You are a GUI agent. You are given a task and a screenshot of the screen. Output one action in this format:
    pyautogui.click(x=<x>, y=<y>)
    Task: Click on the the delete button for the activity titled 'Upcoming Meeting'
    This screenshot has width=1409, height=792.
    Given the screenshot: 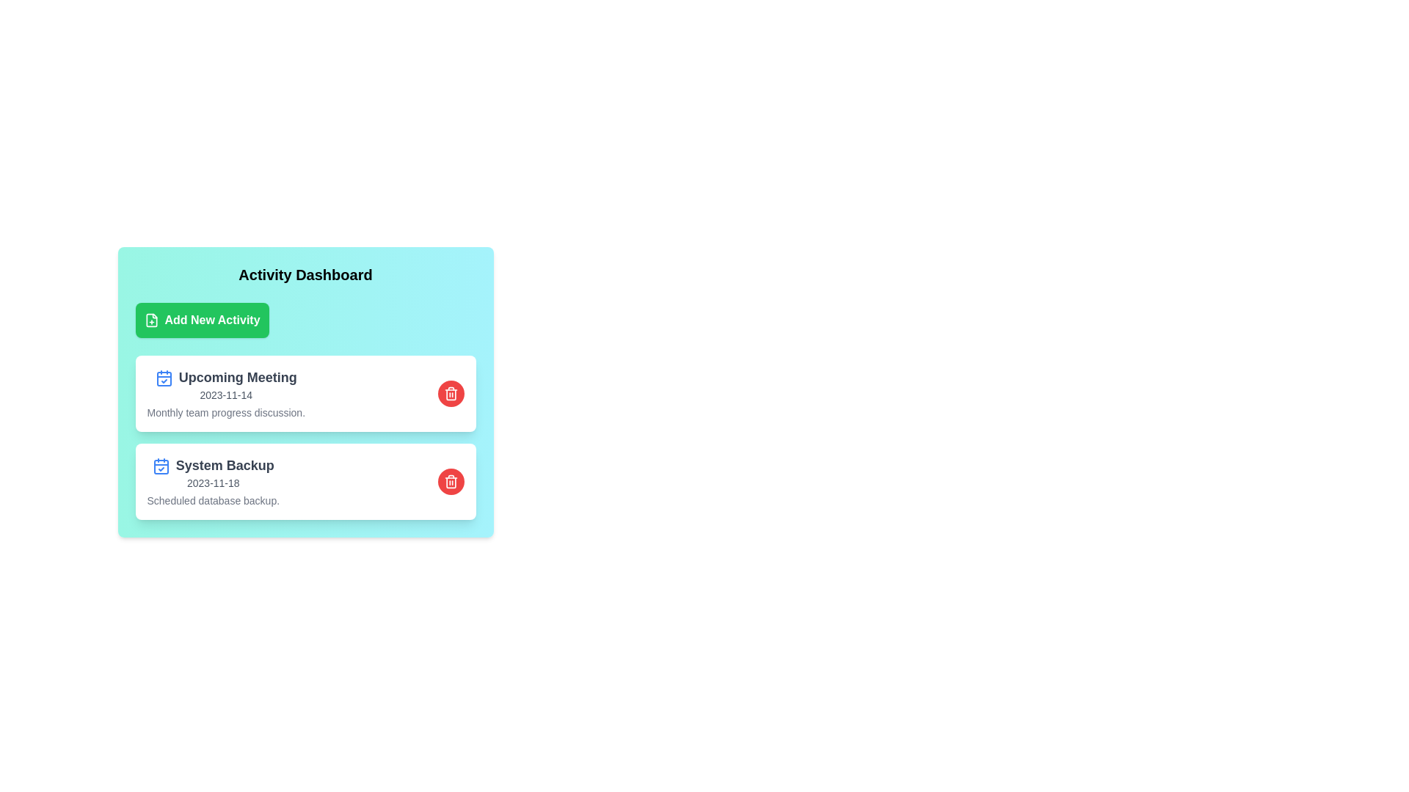 What is the action you would take?
    pyautogui.click(x=450, y=392)
    